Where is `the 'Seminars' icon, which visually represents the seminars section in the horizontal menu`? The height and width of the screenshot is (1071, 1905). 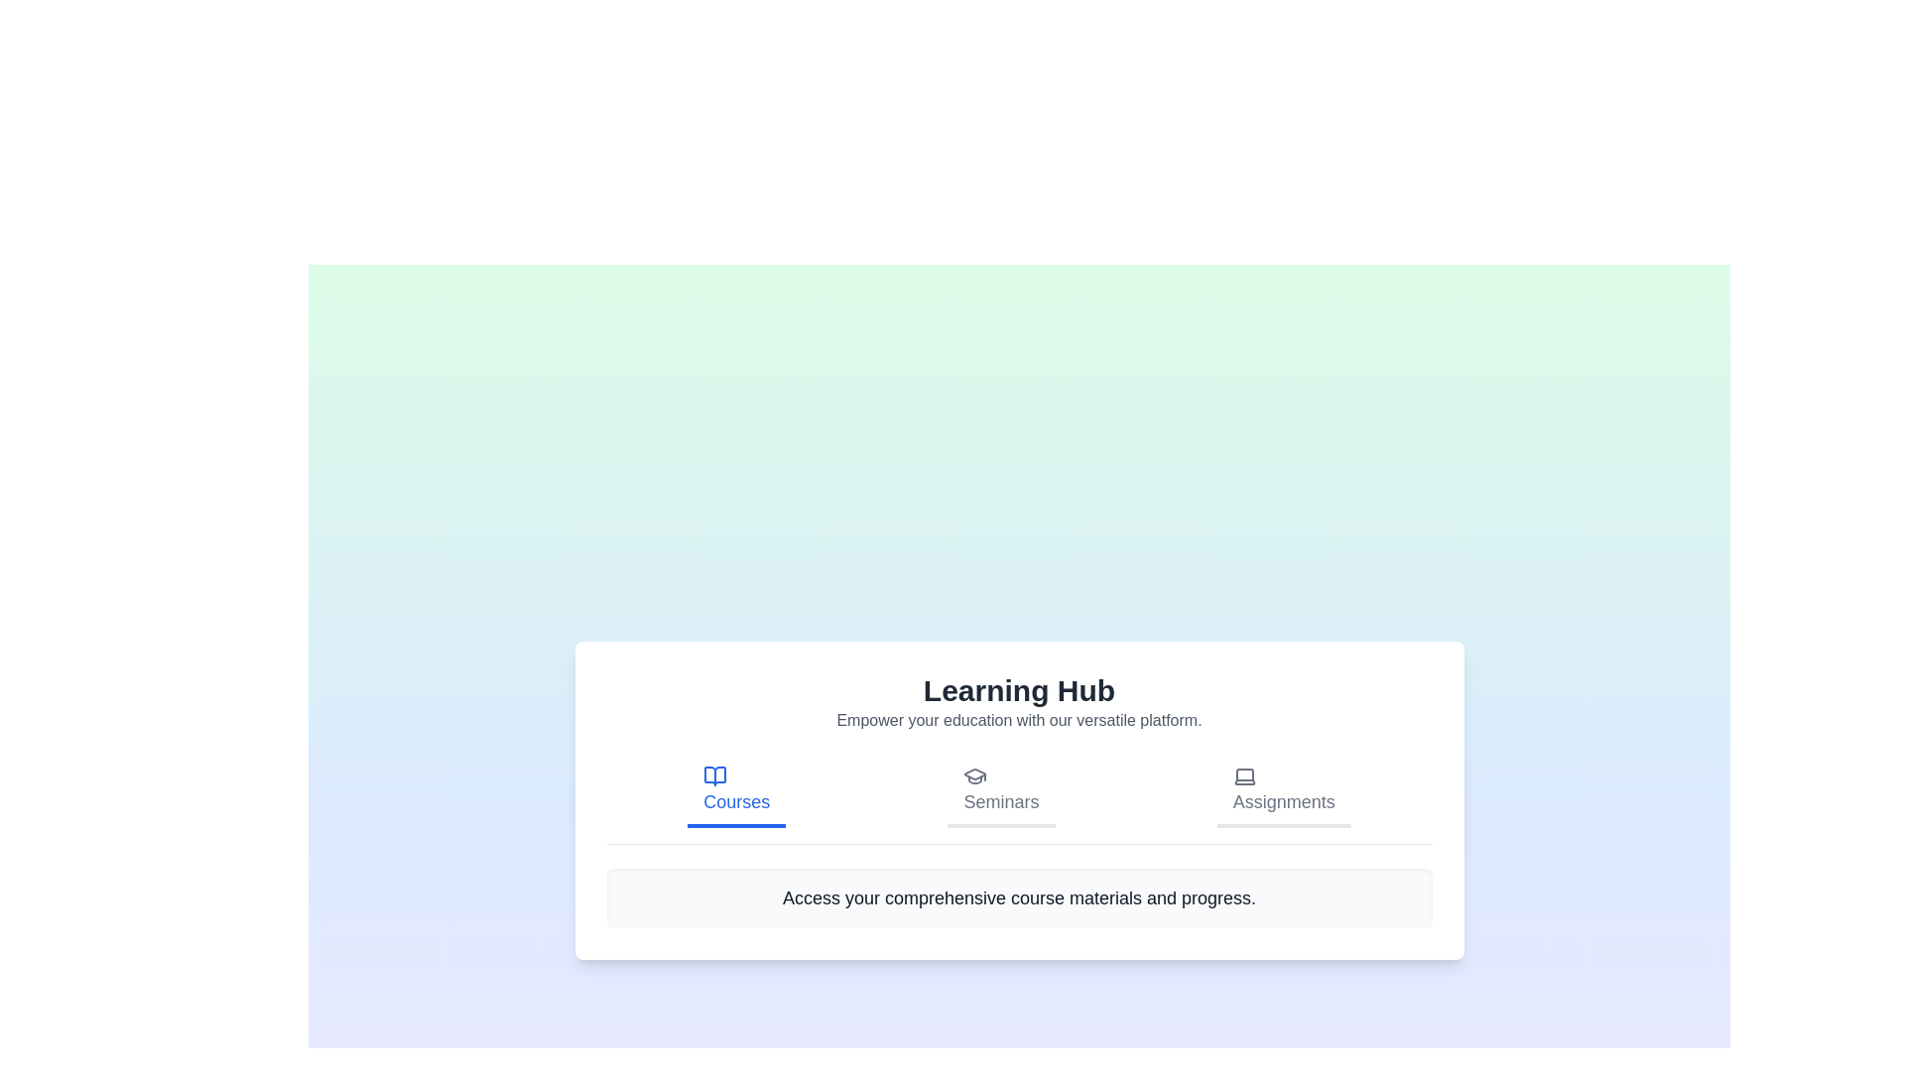
the 'Seminars' icon, which visually represents the seminars section in the horizontal menu is located at coordinates (975, 774).